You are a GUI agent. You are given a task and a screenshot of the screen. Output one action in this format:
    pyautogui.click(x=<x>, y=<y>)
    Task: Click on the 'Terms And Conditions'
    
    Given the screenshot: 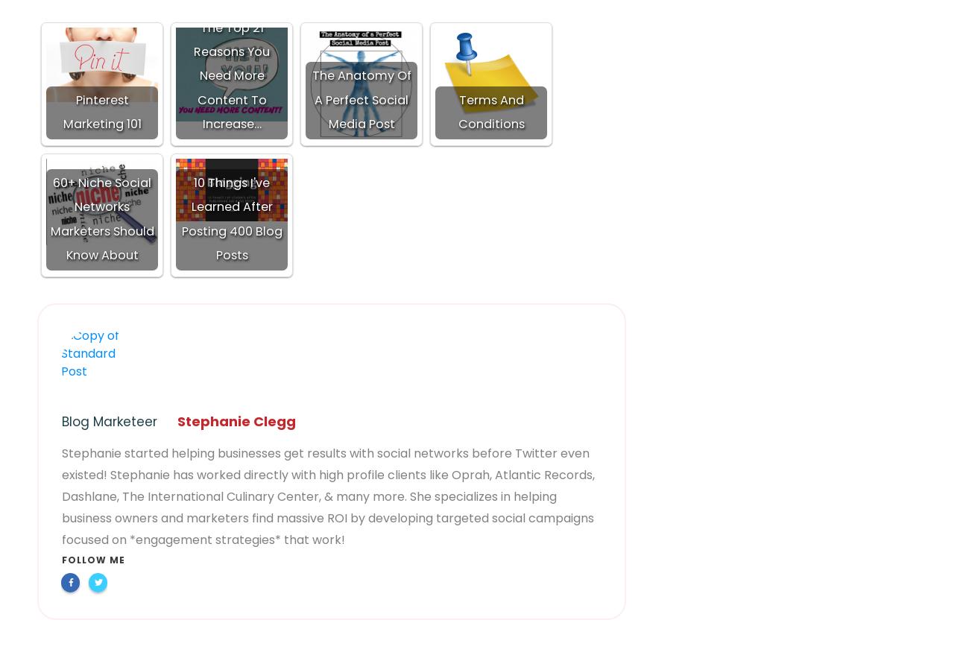 What is the action you would take?
    pyautogui.click(x=490, y=112)
    